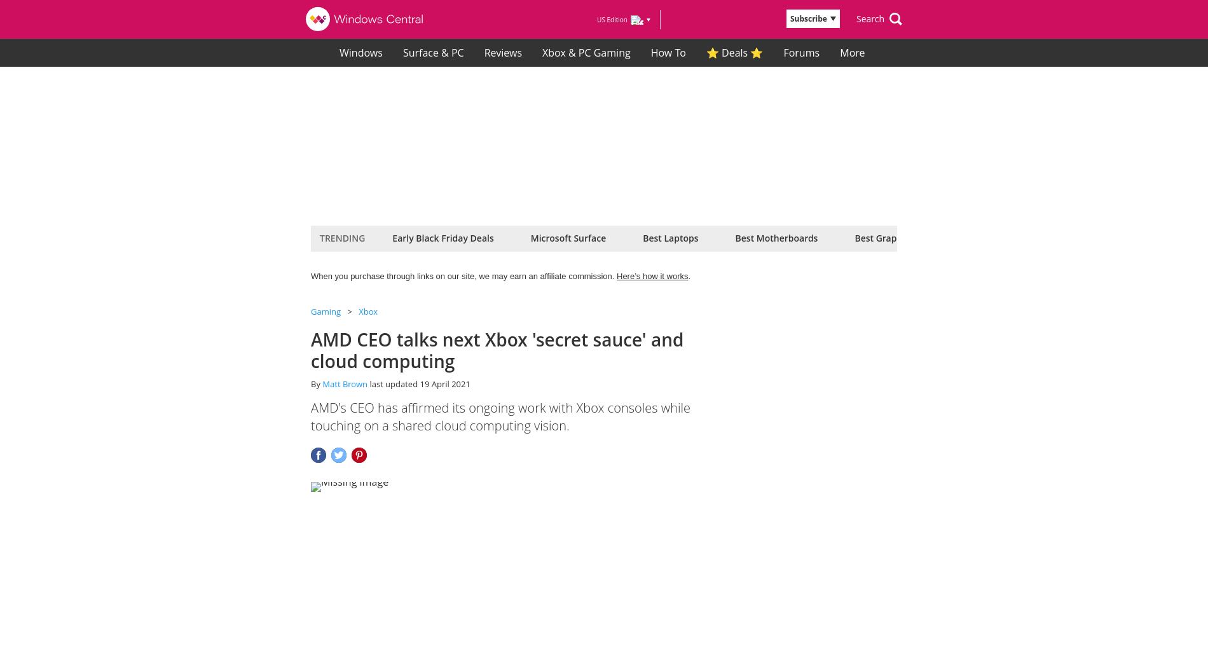  Describe the element at coordinates (463, 275) in the screenshot. I see `'When you purchase through links on our site, we may earn an affiliate commission.'` at that location.